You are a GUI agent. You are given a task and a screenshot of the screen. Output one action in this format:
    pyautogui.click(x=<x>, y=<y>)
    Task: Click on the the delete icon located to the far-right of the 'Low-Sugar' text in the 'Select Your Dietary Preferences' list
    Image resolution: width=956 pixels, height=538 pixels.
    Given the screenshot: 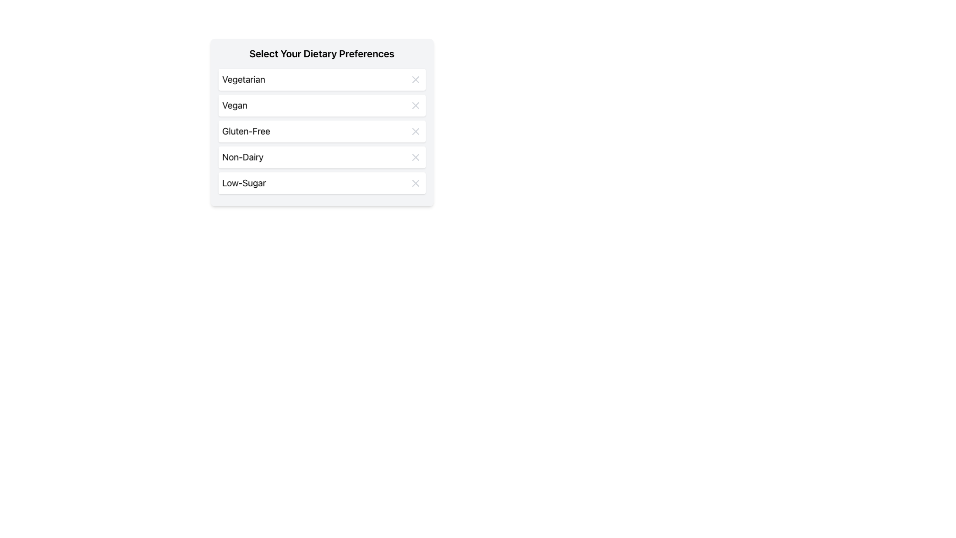 What is the action you would take?
    pyautogui.click(x=415, y=183)
    